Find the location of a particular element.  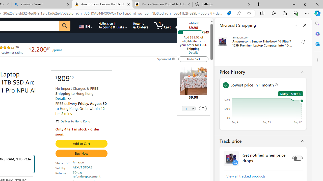

'1 item in cart' is located at coordinates (162, 25).